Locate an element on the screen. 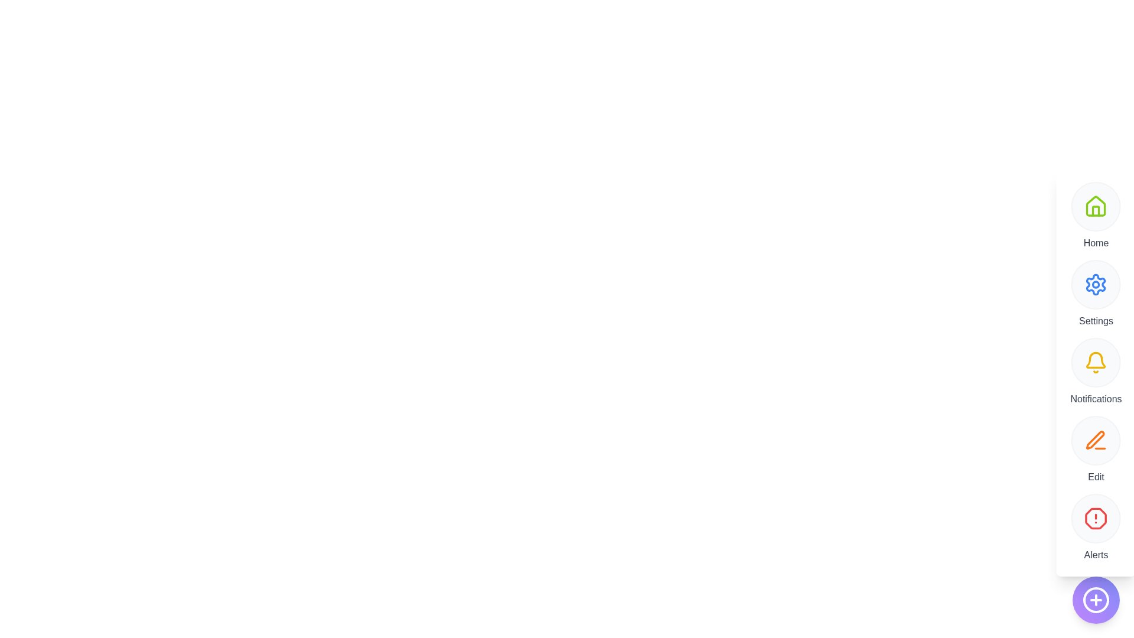  the Home button to trigger its functionality is located at coordinates (1096, 206).